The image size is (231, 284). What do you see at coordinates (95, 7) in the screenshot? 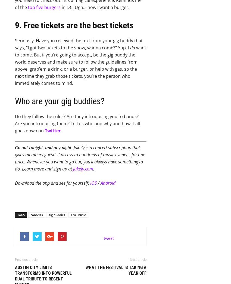
I see `'in DC. Ugh… now I want a burger.'` at bounding box center [95, 7].